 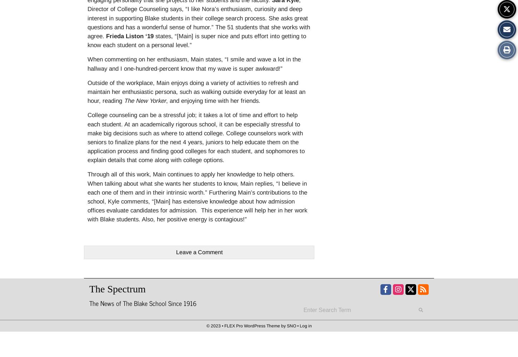 What do you see at coordinates (212, 26) in the screenshot?
I see `'.”'` at bounding box center [212, 26].